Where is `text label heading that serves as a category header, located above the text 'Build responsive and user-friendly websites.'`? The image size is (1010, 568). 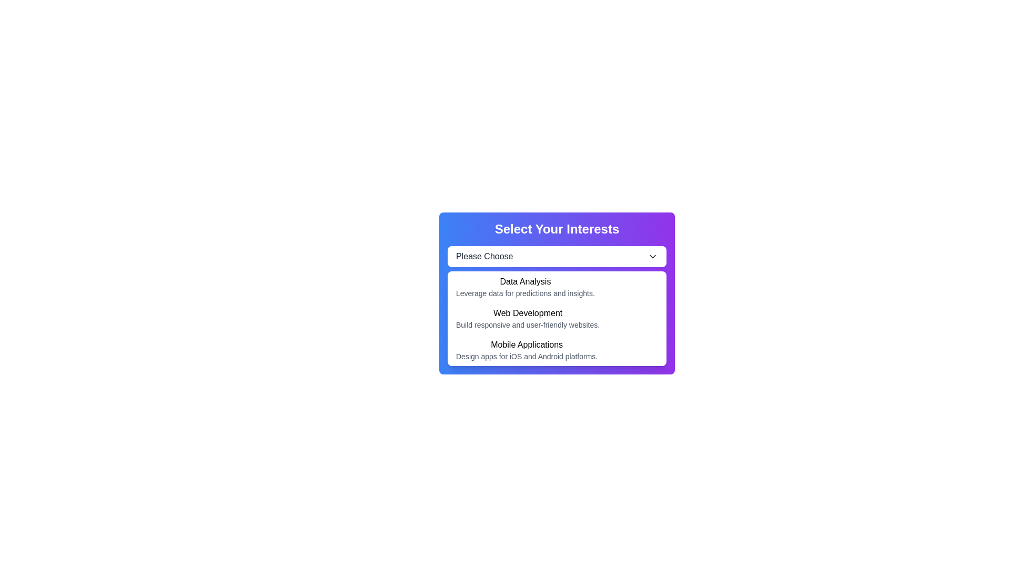
text label heading that serves as a category header, located above the text 'Build responsive and user-friendly websites.' is located at coordinates (528, 313).